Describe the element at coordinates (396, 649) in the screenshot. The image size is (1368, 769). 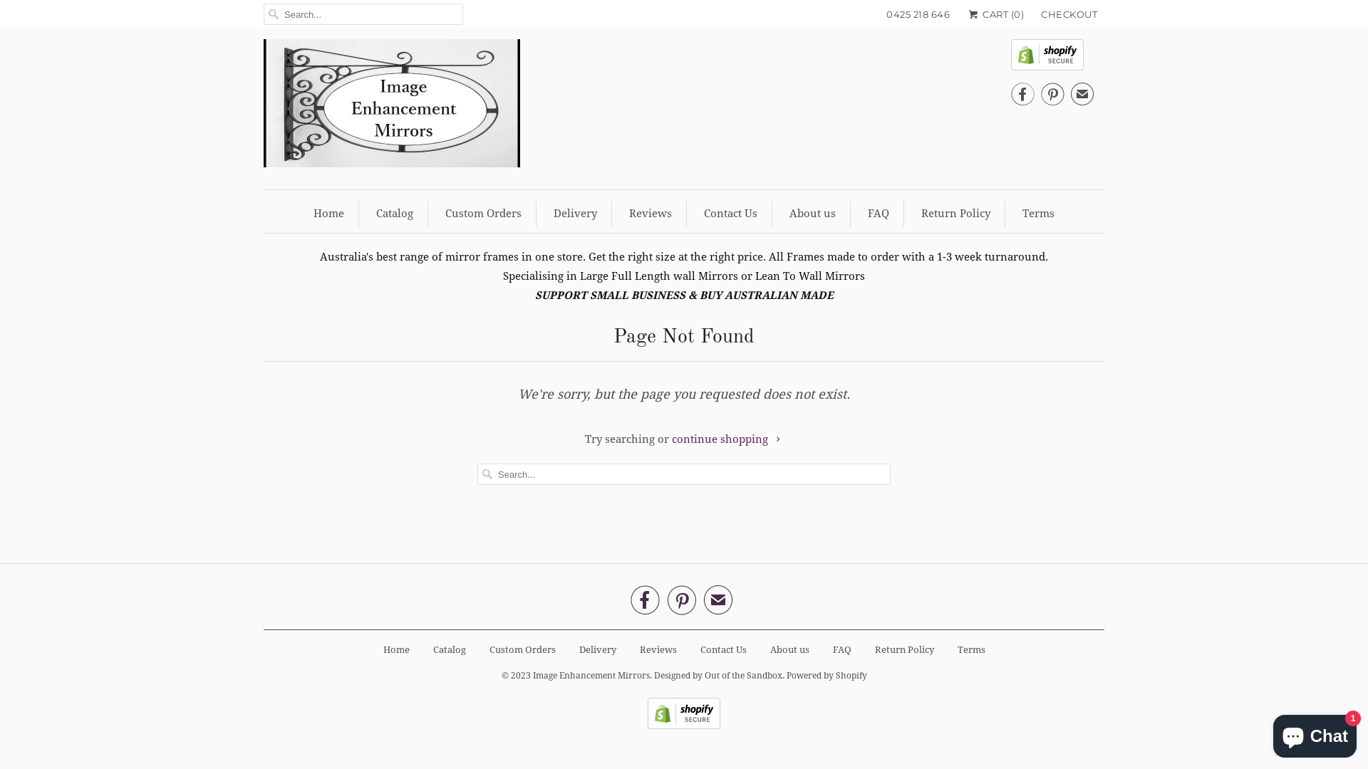
I see `'Home'` at that location.